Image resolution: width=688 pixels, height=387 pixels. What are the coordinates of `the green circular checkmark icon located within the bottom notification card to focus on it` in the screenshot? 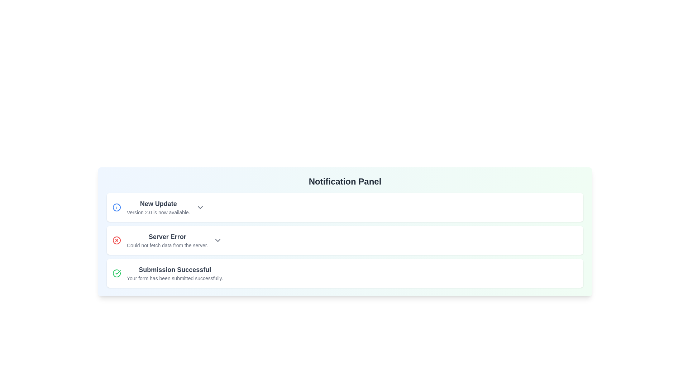 It's located at (117, 273).